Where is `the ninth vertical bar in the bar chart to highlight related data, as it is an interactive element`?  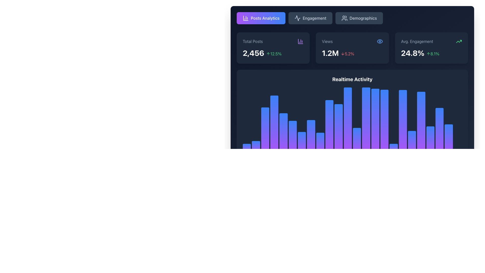
the ninth vertical bar in the bar chart to highlight related data, as it is an interactive element is located at coordinates (320, 131).